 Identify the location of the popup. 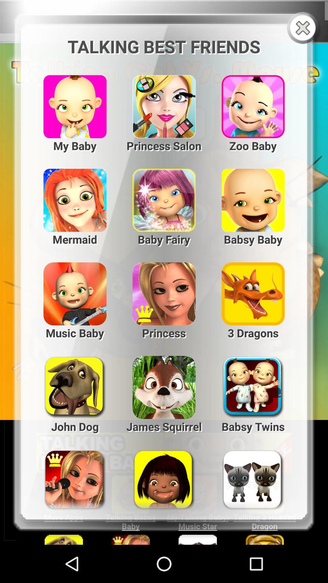
(304, 28).